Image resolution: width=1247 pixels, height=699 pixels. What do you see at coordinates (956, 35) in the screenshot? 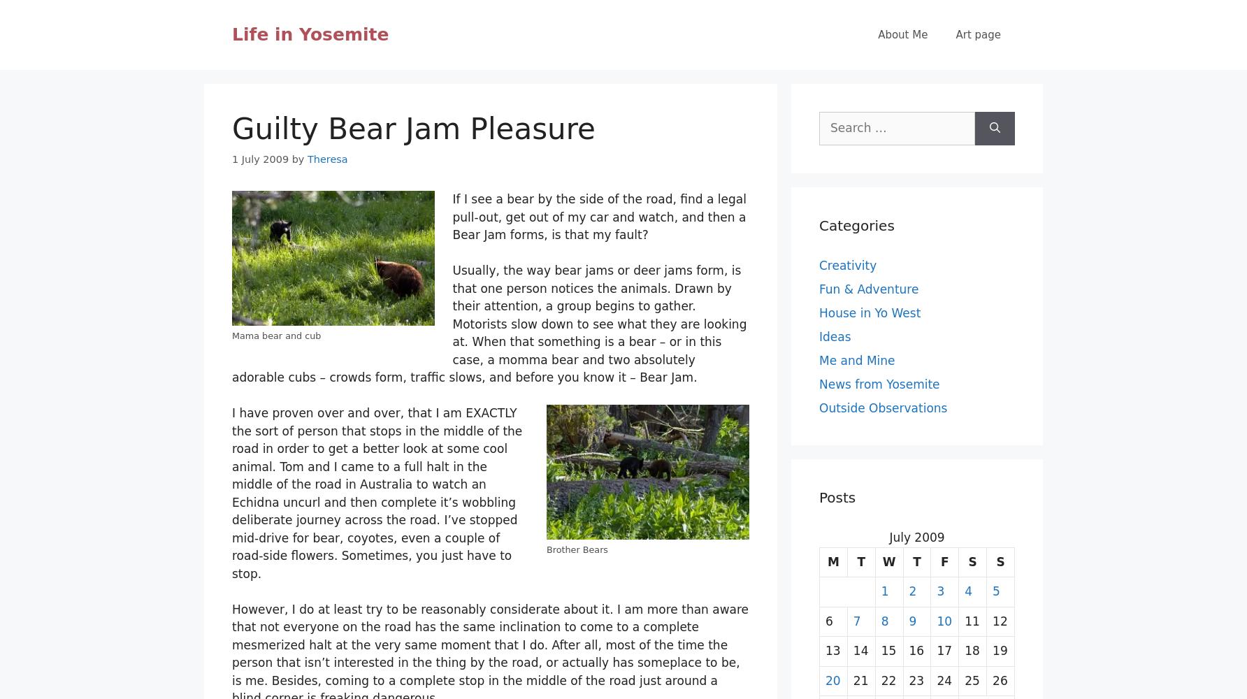
I see `'Art page'` at bounding box center [956, 35].